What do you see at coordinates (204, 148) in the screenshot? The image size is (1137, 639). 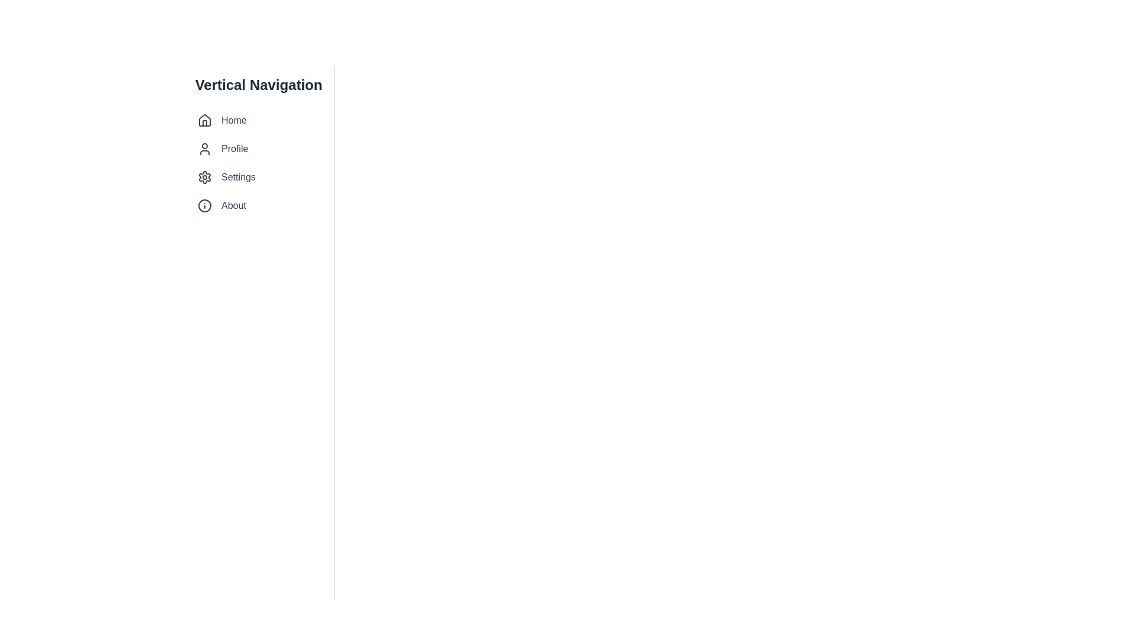 I see `the user silhouette icon located within the vertical navigation menu, which indicates the user profile or account section, positioned to the left of the 'Profile' label text` at bounding box center [204, 148].